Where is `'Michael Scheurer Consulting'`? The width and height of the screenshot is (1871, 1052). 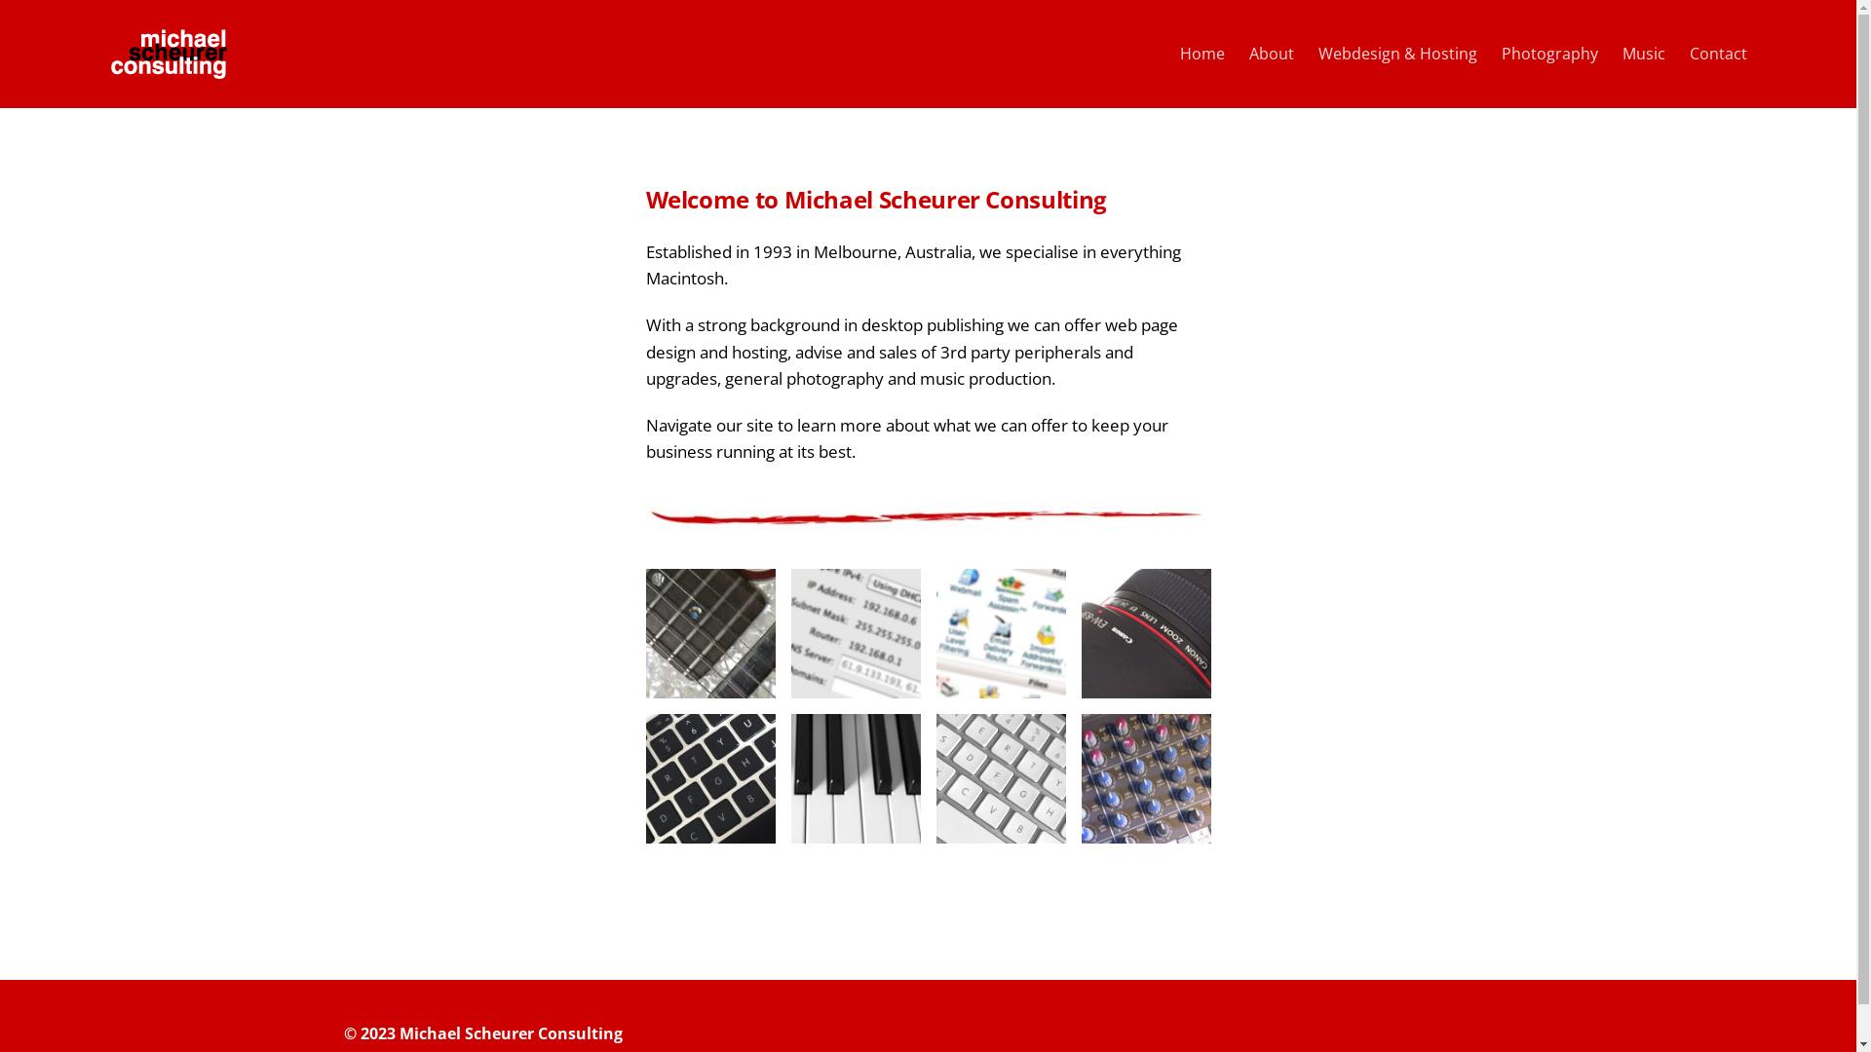
'Michael Scheurer Consulting' is located at coordinates (398, 1032).